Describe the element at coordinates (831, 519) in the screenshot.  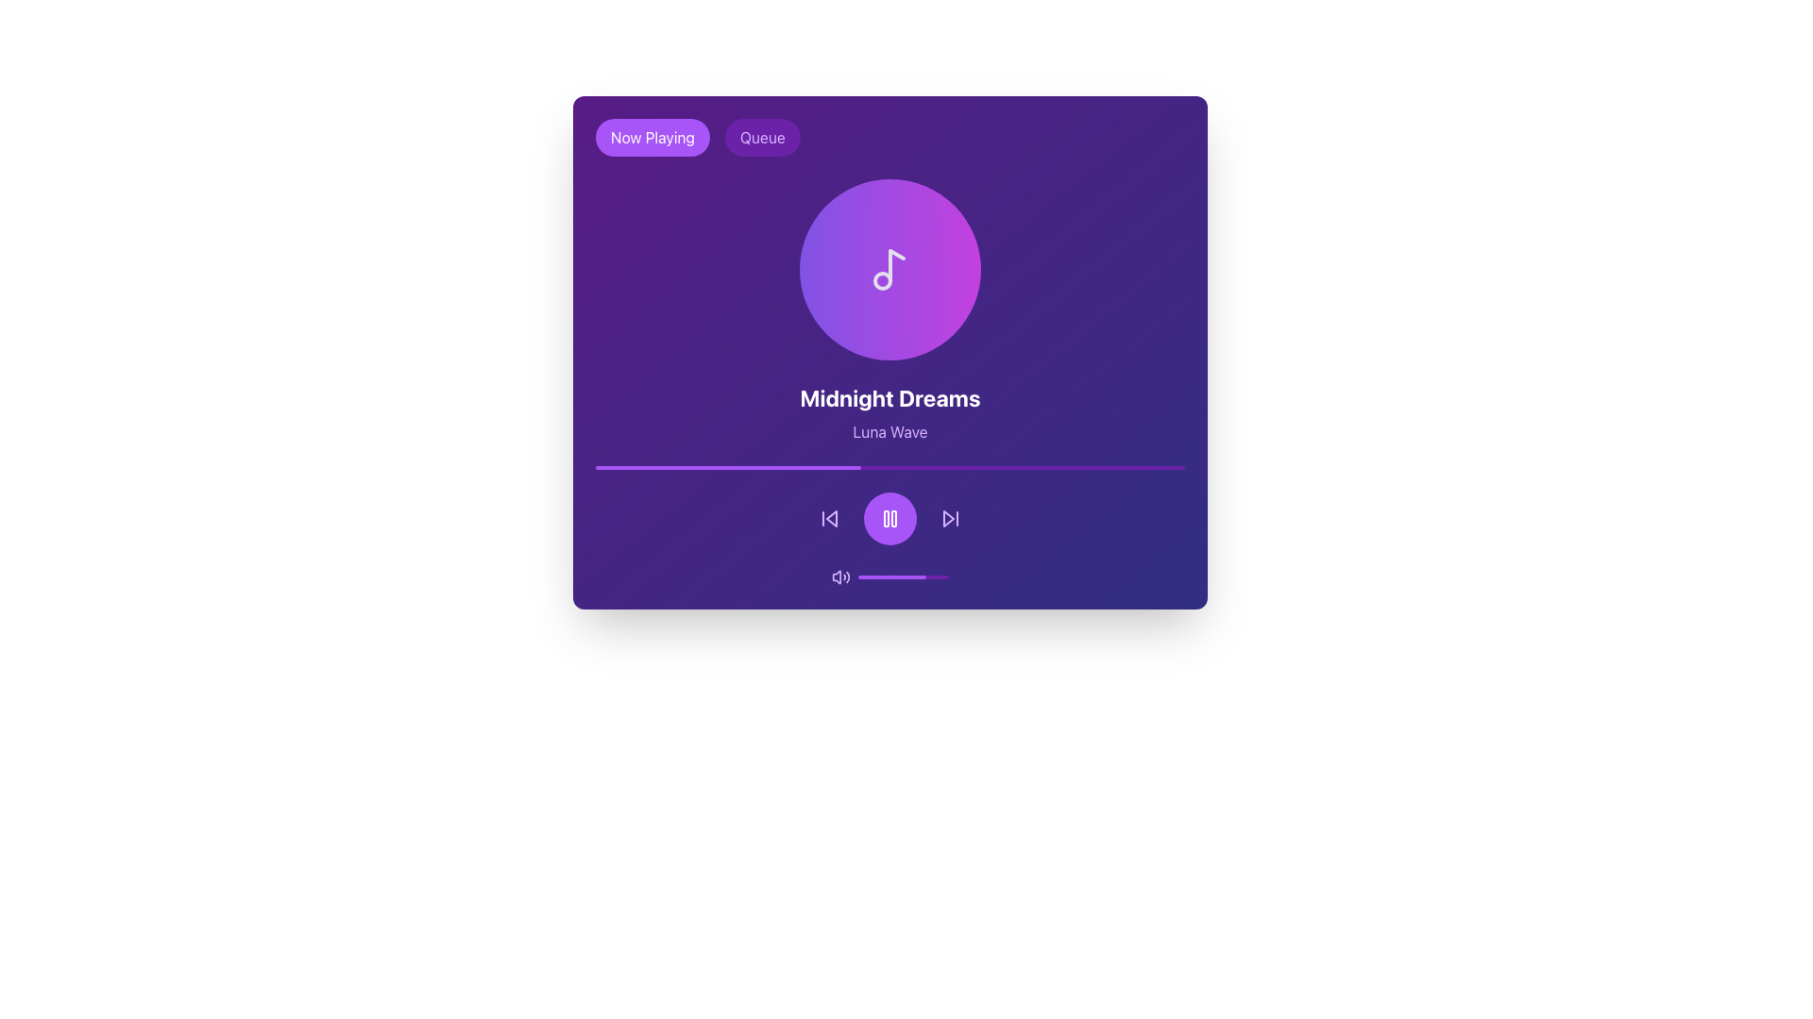
I see `the purple triangular back navigation icon pointing left to skip to the previous track` at that location.